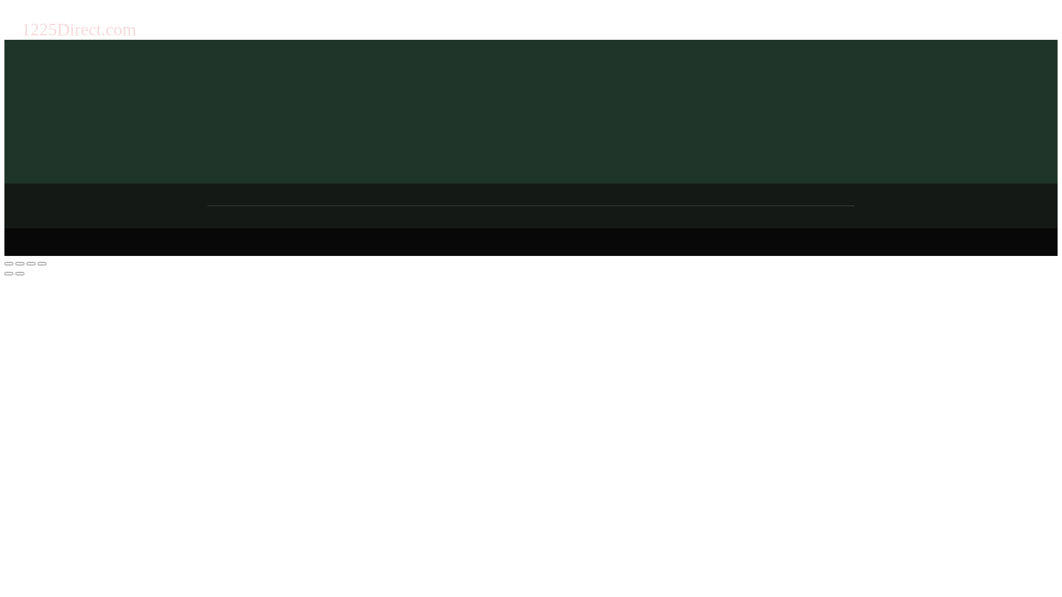  Describe the element at coordinates (19, 273) in the screenshot. I see `'Next (arrow right)'` at that location.